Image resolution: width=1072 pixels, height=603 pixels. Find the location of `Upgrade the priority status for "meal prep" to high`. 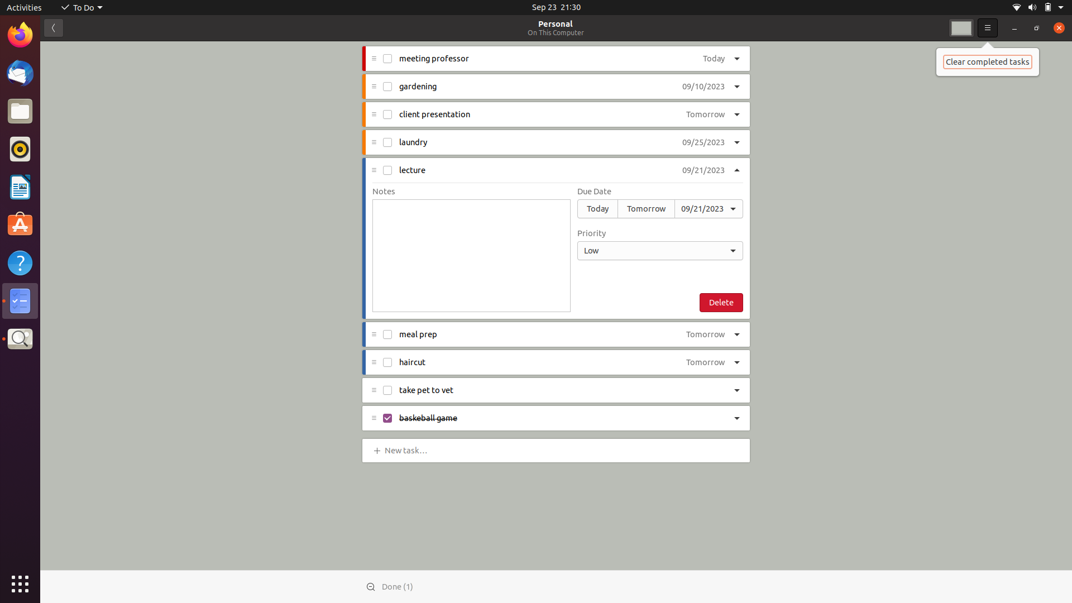

Upgrade the priority status for "meal prep" to high is located at coordinates (739, 333).